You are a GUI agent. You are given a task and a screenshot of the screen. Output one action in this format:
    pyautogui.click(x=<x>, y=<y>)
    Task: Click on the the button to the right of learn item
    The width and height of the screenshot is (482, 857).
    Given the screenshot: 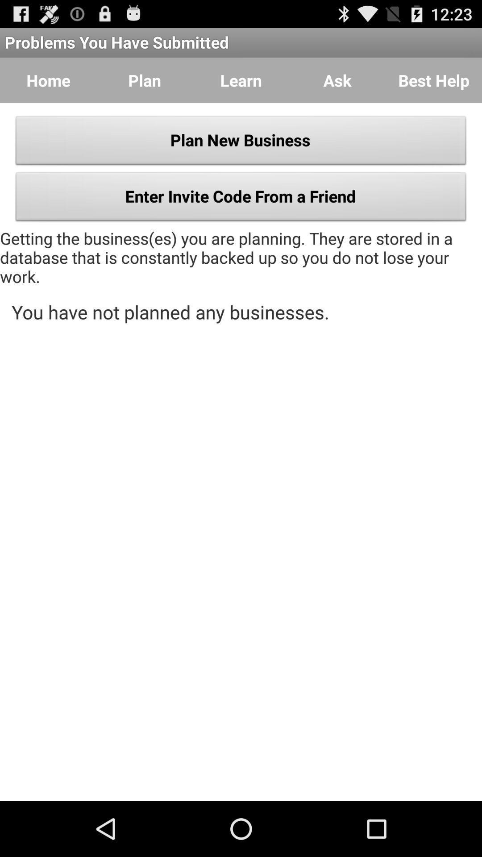 What is the action you would take?
    pyautogui.click(x=337, y=80)
    